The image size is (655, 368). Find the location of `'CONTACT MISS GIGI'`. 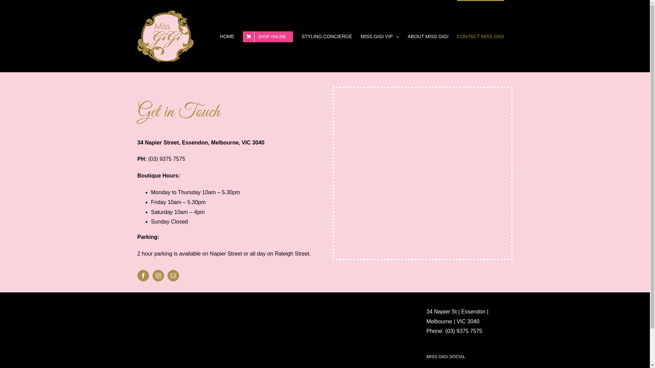

'CONTACT MISS GIGI' is located at coordinates (480, 36).